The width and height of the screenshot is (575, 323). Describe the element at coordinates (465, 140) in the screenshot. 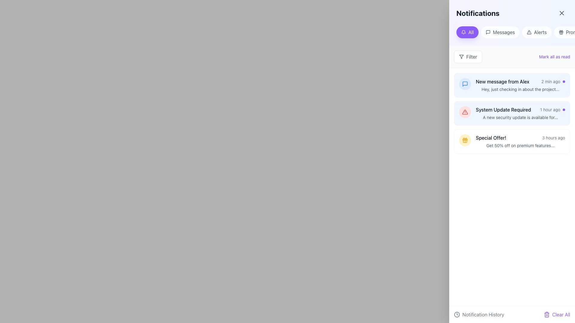

I see `the gift box icon on the left side of the 'Special Offer!' notification` at that location.